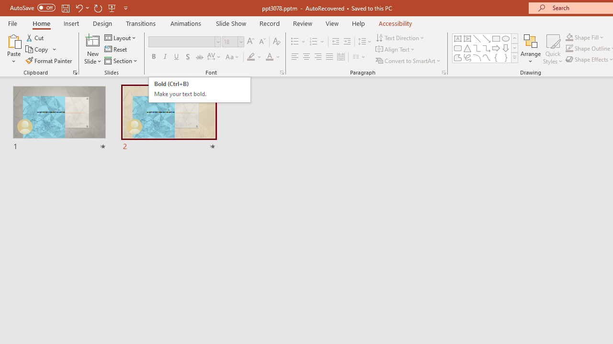  What do you see at coordinates (569, 37) in the screenshot?
I see `'Shape Fill Dark Green, Accent 2'` at bounding box center [569, 37].